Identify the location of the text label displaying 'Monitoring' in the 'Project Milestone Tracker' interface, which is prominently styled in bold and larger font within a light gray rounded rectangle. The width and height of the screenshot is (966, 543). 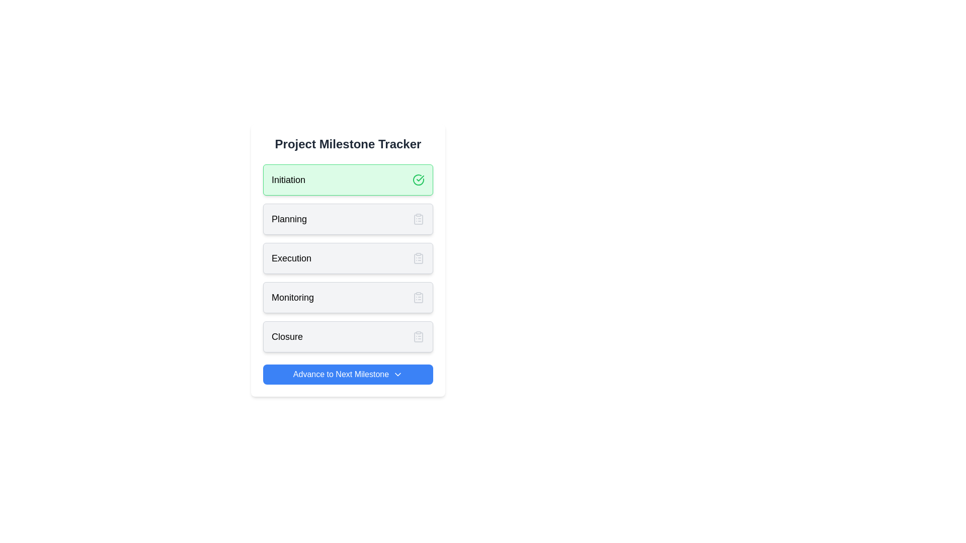
(292, 297).